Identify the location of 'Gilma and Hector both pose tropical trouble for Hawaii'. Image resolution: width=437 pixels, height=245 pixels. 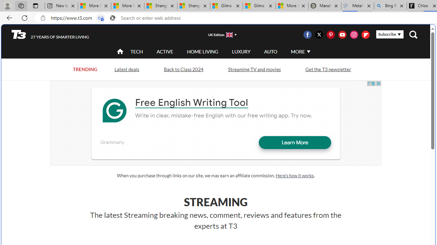
(259, 6).